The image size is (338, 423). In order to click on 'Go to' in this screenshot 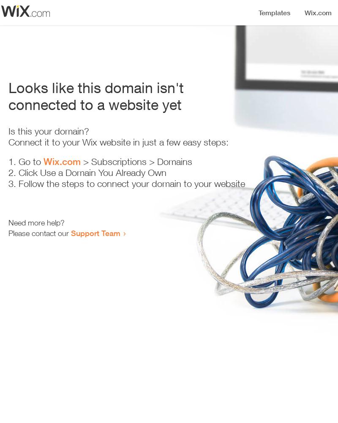, I will do `click(31, 162)`.